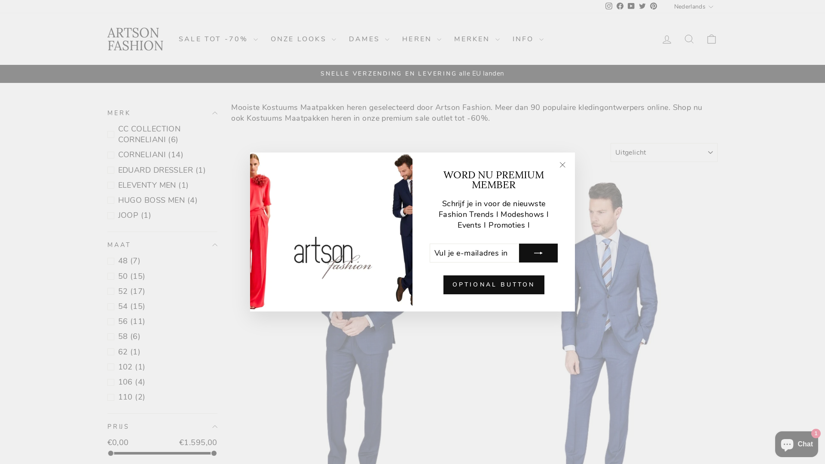 The image size is (825, 464). I want to click on 'icon-X, so click(562, 165).